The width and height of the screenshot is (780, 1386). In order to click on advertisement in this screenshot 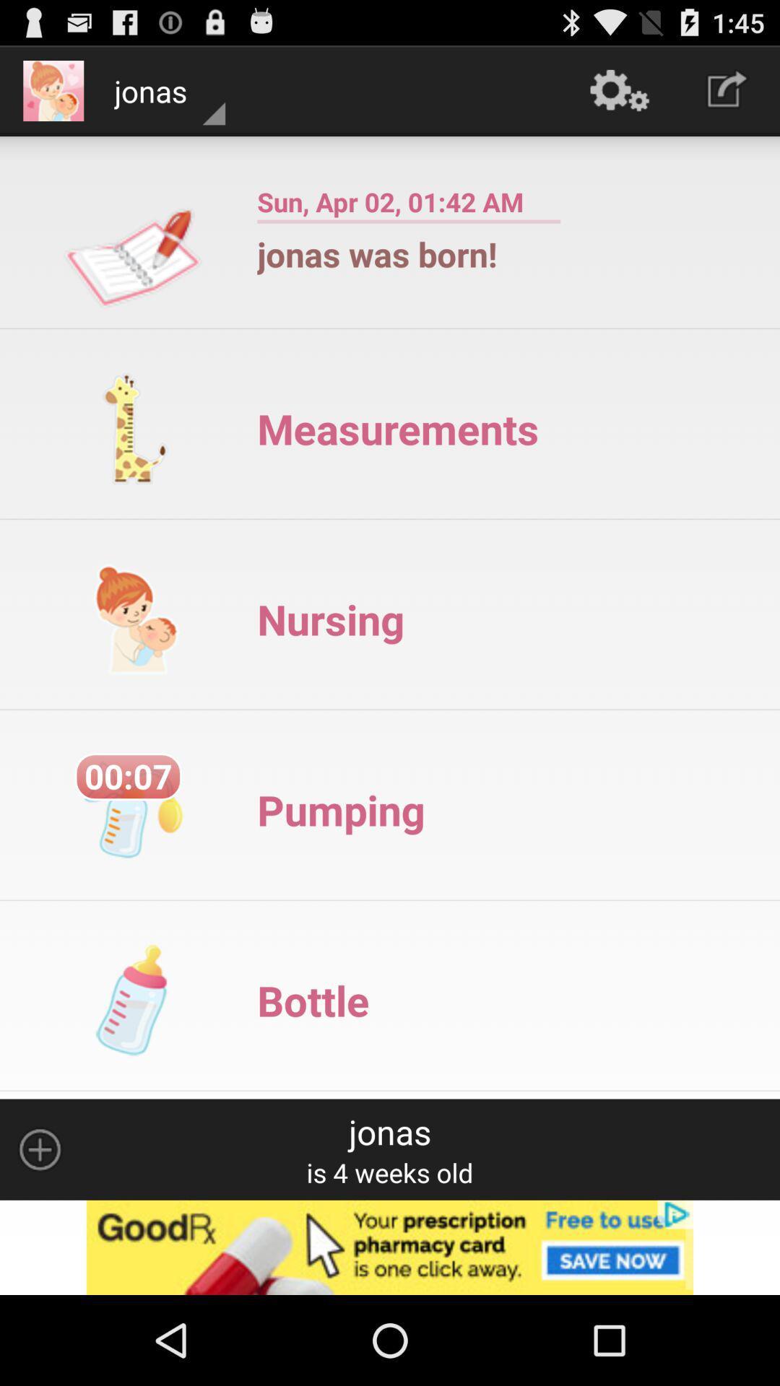, I will do `click(390, 1247)`.